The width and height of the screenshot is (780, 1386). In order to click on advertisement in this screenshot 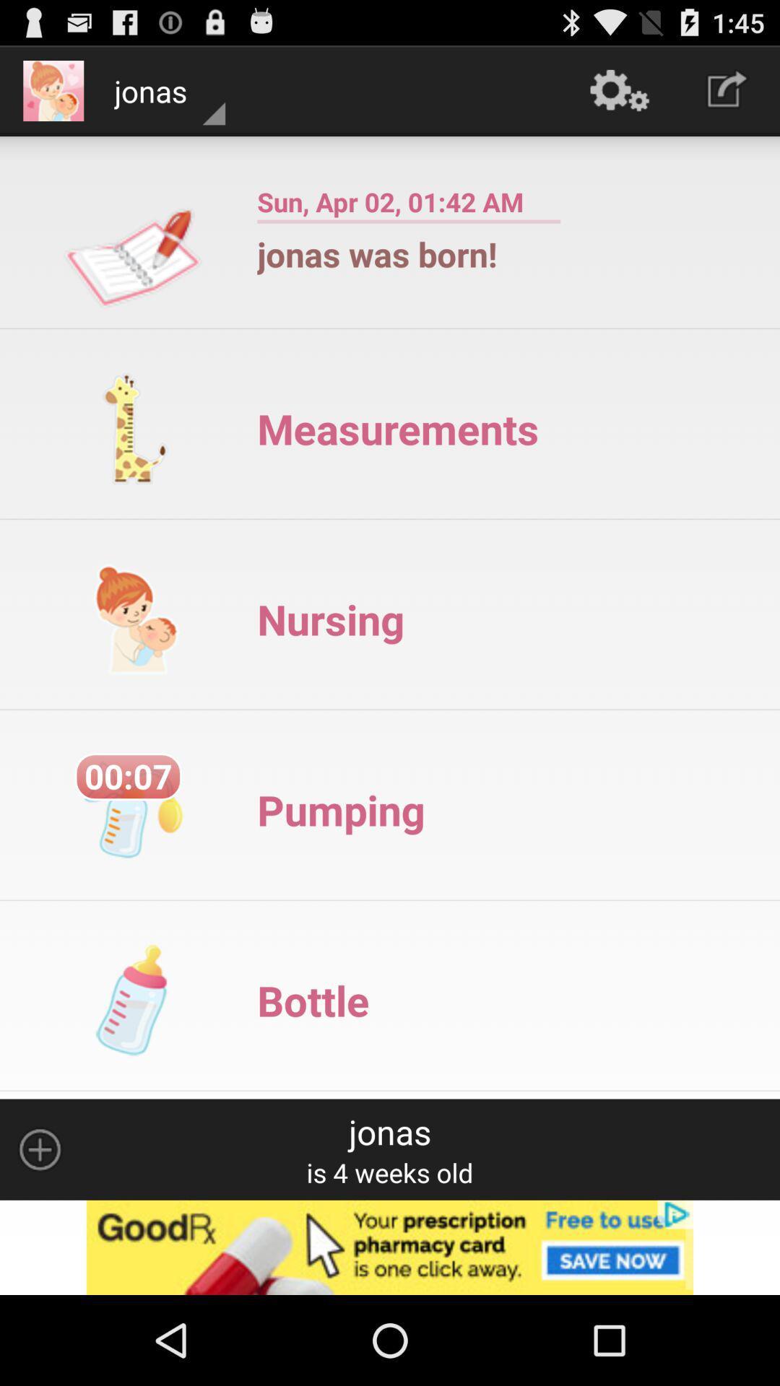, I will do `click(390, 1247)`.